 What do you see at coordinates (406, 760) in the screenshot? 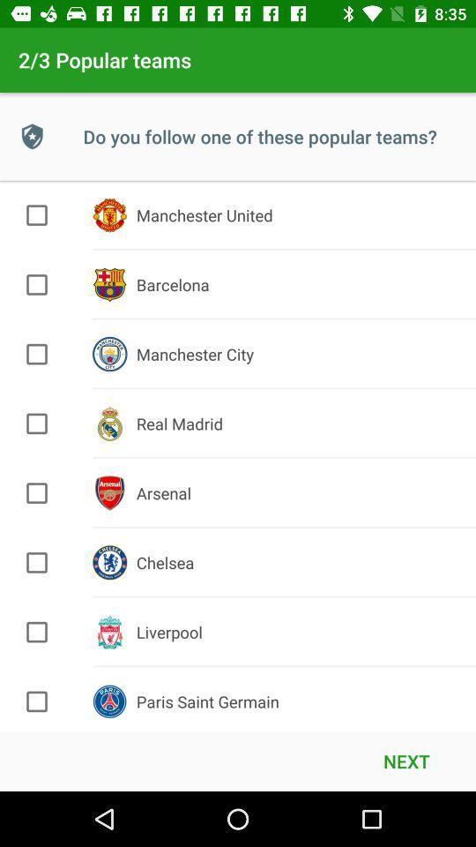
I see `the icon next to paris saint germain item` at bounding box center [406, 760].